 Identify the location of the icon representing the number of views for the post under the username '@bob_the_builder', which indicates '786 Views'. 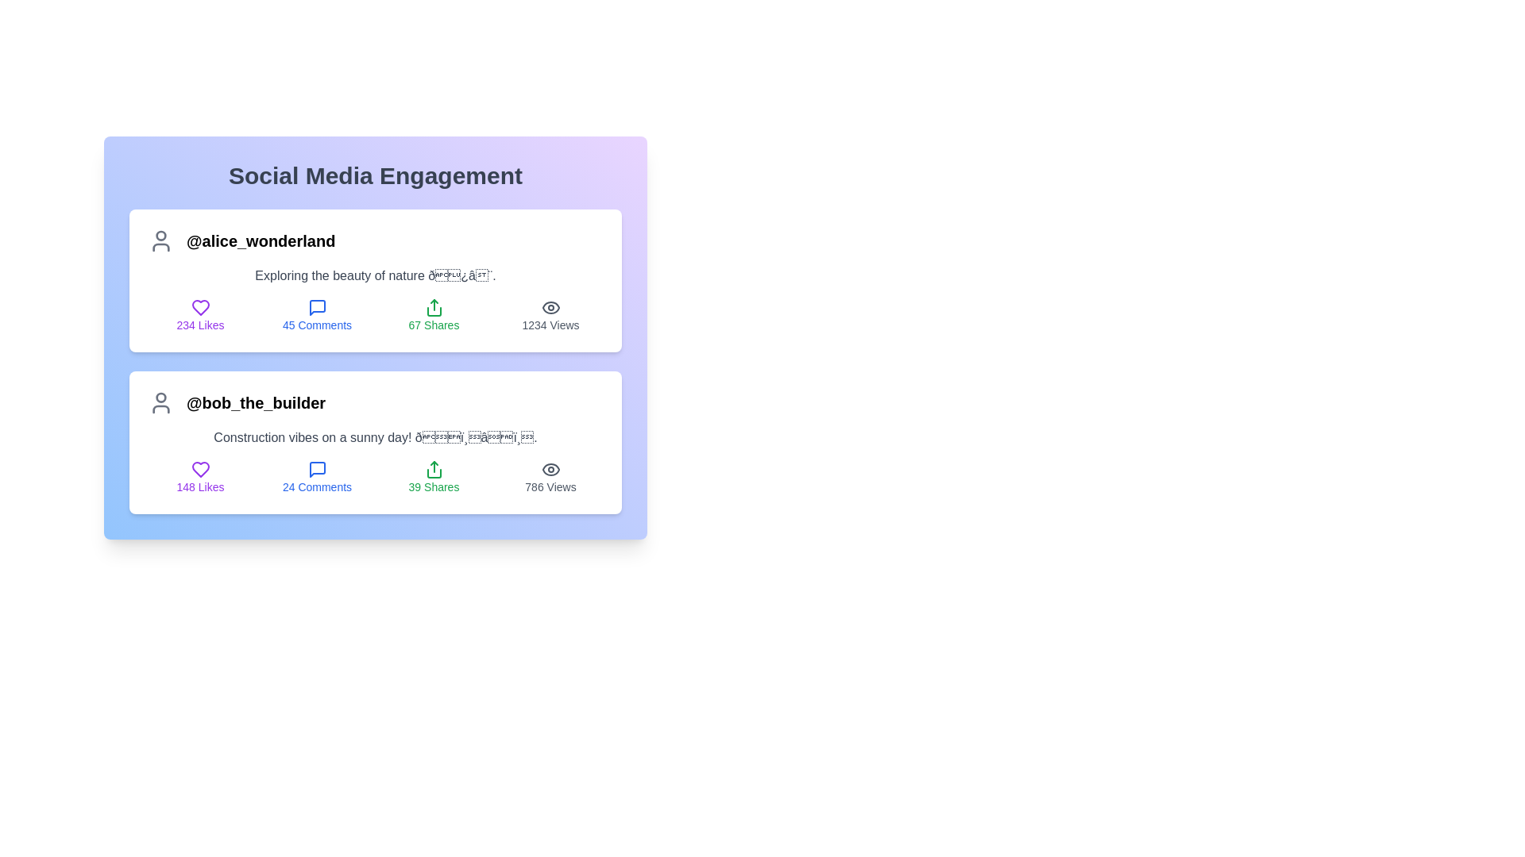
(550, 468).